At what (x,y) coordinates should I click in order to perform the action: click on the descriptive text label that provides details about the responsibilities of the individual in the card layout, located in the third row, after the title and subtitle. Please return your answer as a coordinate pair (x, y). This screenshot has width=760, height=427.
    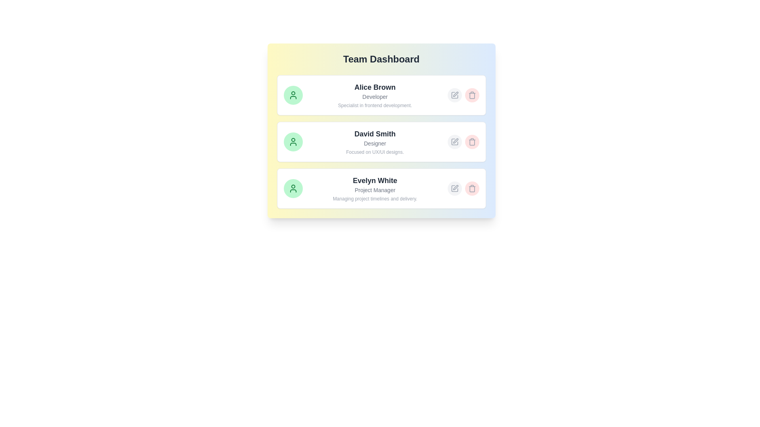
    Looking at the image, I should click on (374, 198).